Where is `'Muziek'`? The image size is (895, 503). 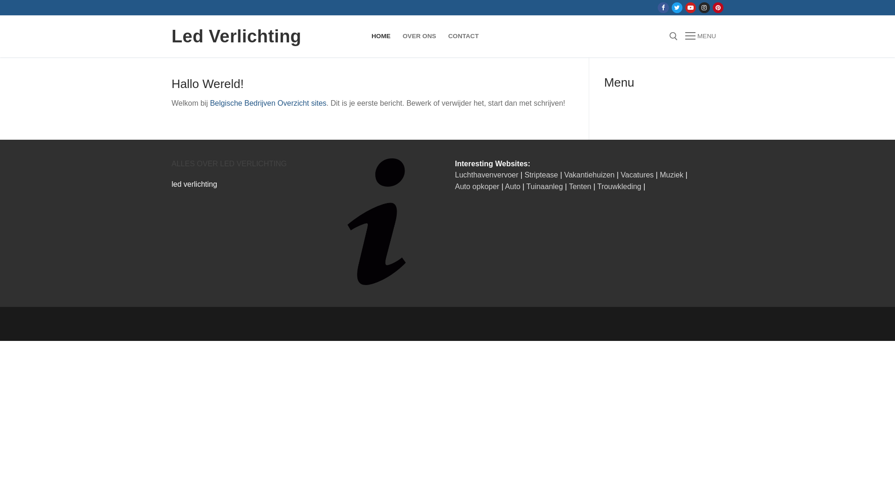
'Muziek' is located at coordinates (671, 175).